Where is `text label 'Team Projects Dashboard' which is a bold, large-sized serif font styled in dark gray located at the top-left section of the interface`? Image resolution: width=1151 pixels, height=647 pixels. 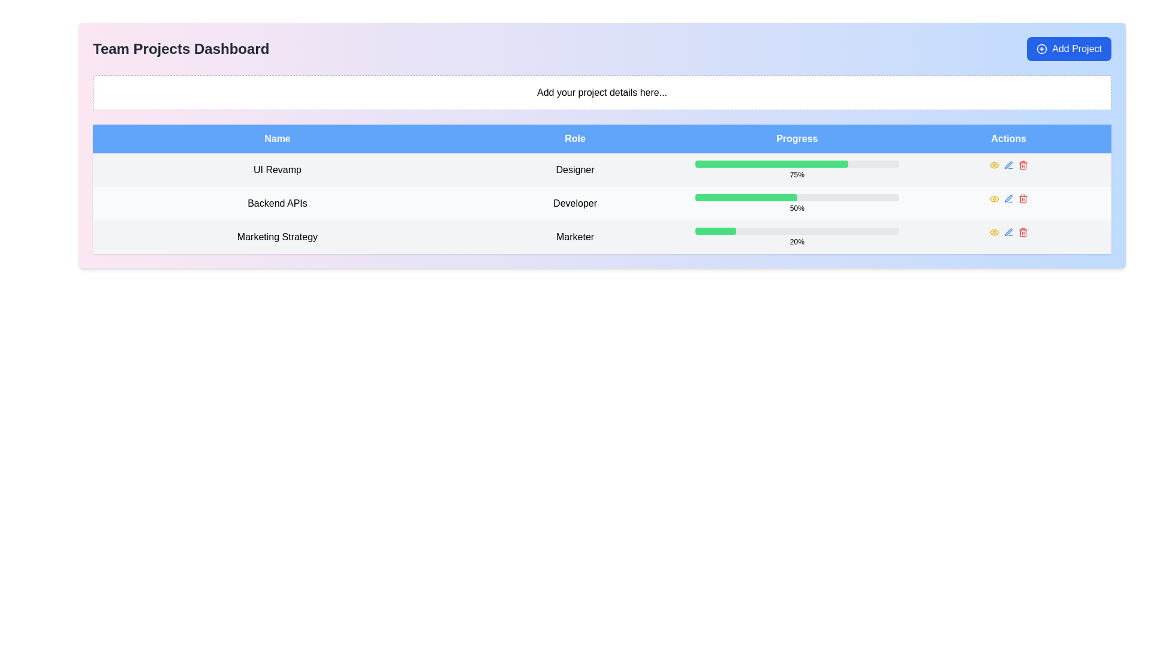
text label 'Team Projects Dashboard' which is a bold, large-sized serif font styled in dark gray located at the top-left section of the interface is located at coordinates (180, 48).